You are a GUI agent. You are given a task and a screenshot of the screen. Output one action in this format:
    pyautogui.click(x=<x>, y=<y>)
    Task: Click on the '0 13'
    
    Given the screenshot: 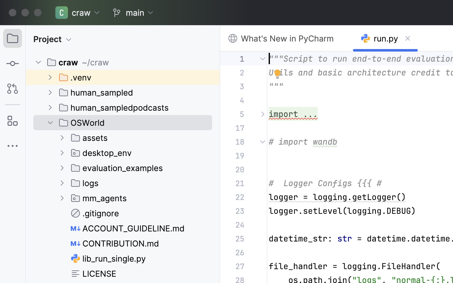 What is the action you would take?
    pyautogui.click(x=12, y=10)
    